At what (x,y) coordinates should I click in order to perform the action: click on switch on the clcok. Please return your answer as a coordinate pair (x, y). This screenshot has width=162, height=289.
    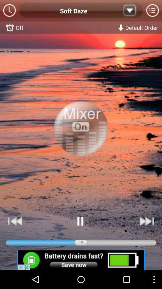
    Looking at the image, I should click on (9, 11).